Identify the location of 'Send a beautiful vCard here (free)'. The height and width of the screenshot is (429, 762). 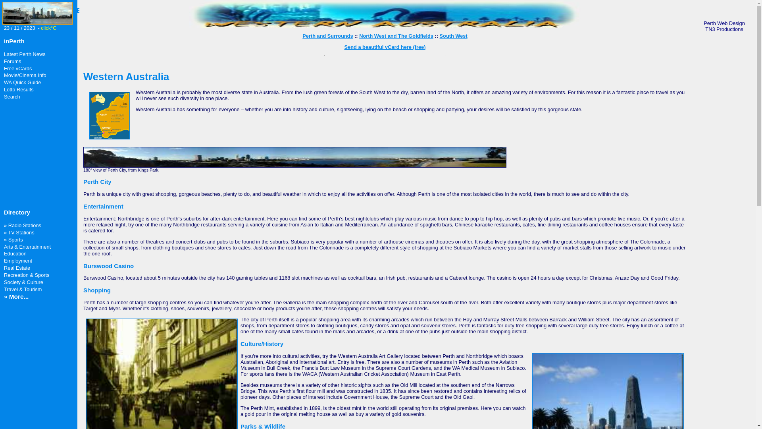
(344, 47).